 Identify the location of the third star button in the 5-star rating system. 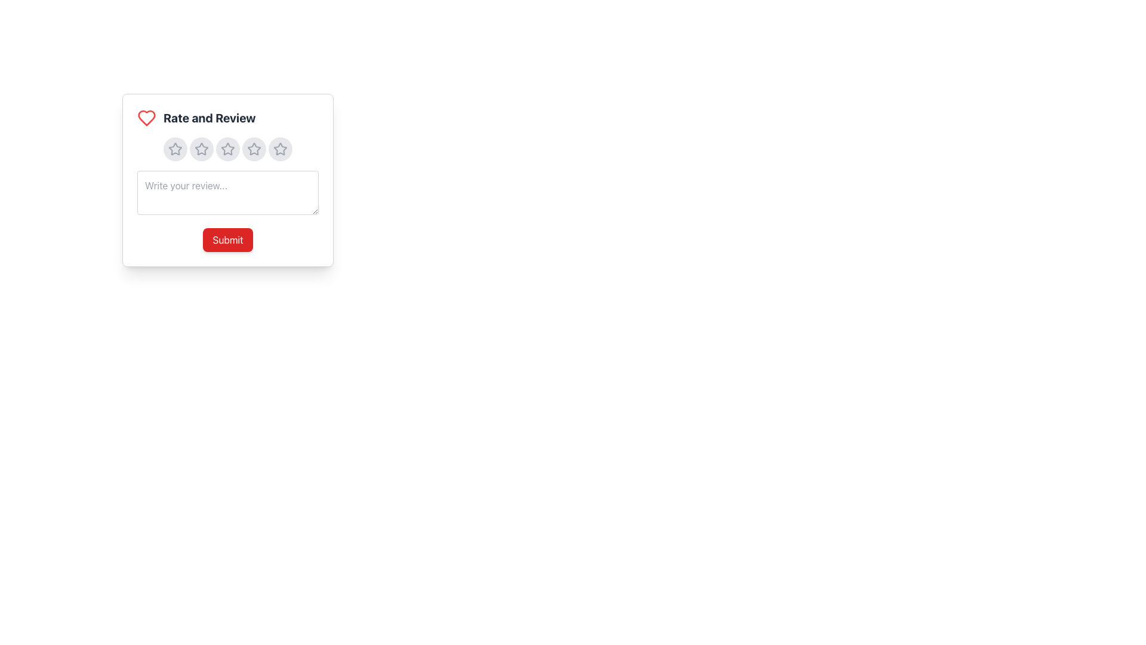
(228, 149).